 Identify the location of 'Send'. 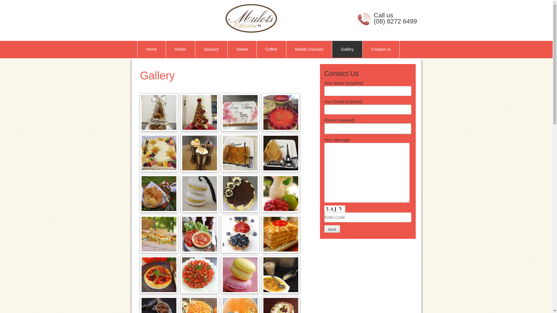
(332, 229).